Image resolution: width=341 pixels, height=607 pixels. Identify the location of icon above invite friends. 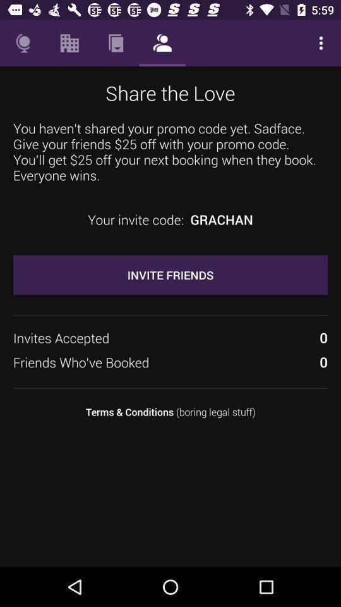
(221, 219).